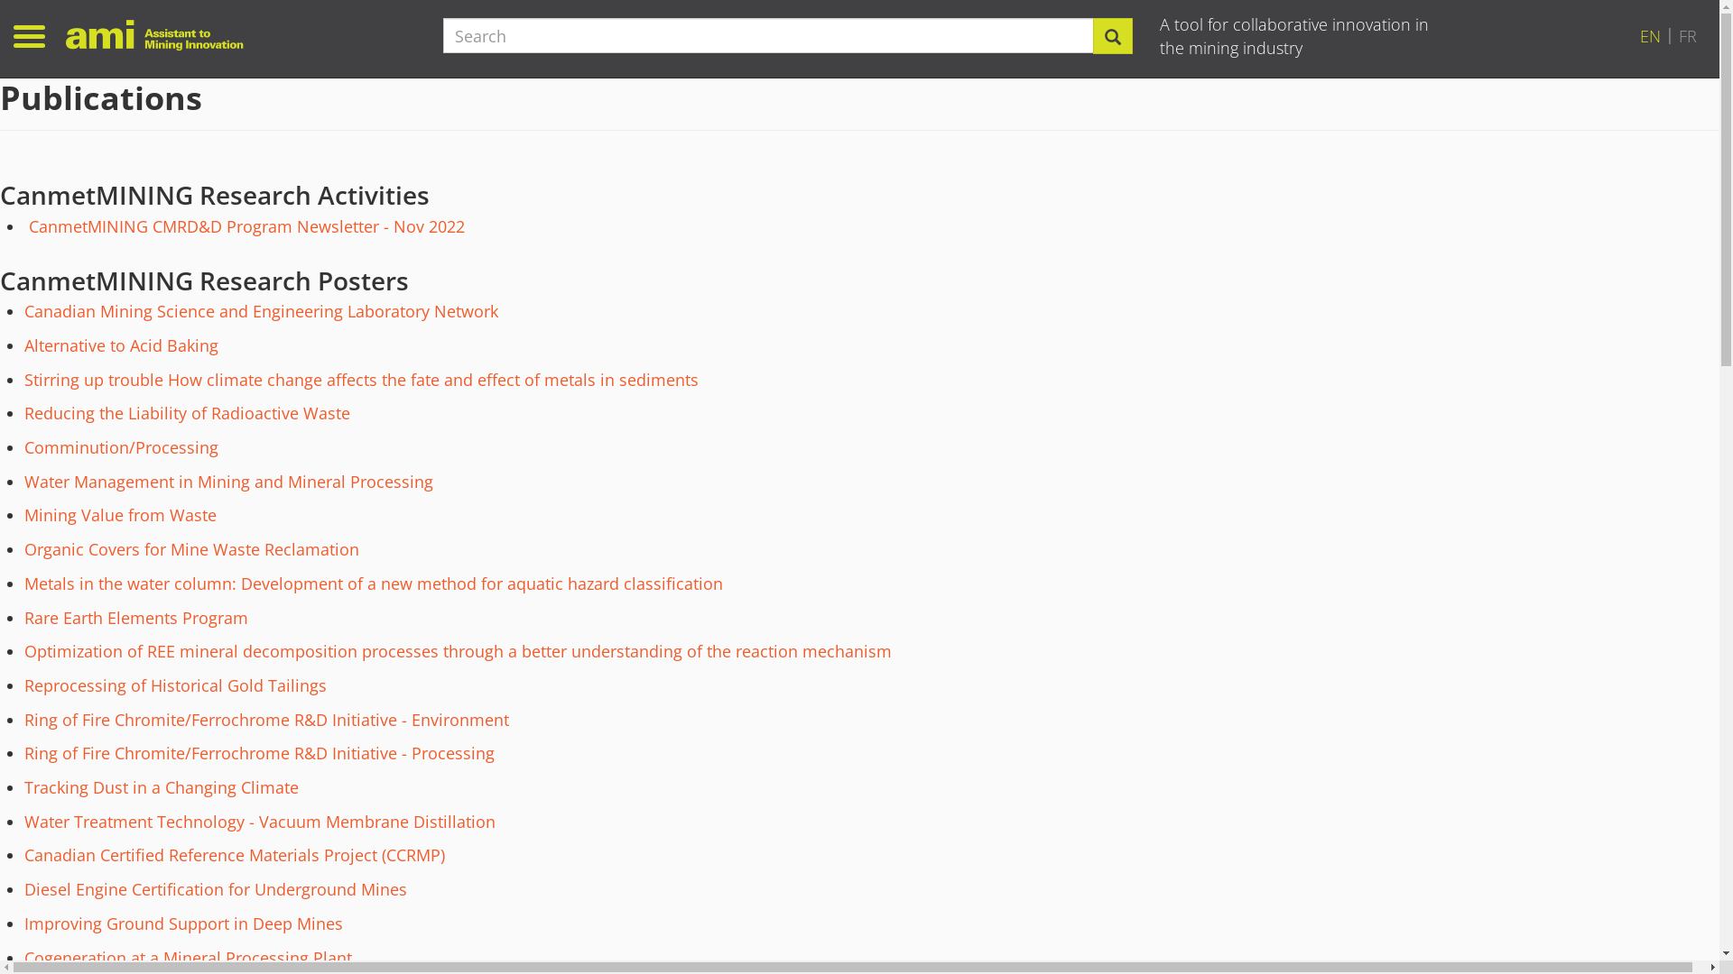  Describe the element at coordinates (216, 888) in the screenshot. I see `'Diesel Engine Certification for Underground Mines'` at that location.